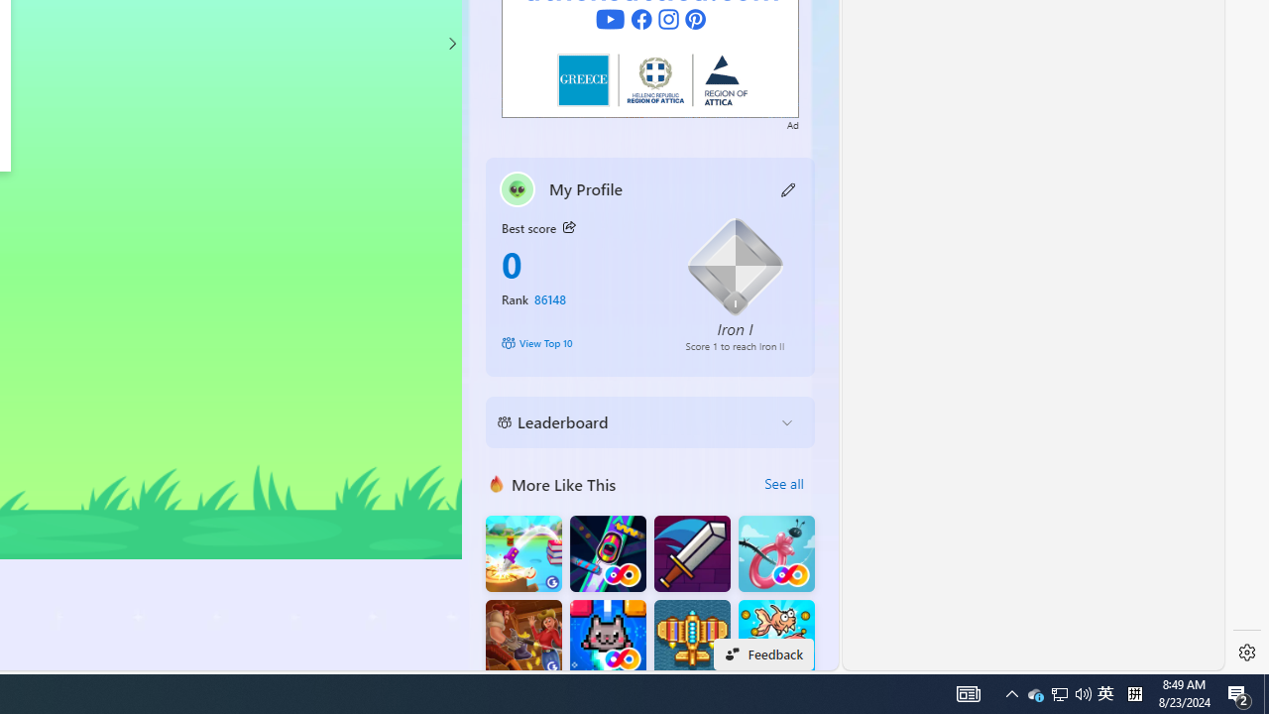  What do you see at coordinates (450, 43) in the screenshot?
I see `'Class: control'` at bounding box center [450, 43].